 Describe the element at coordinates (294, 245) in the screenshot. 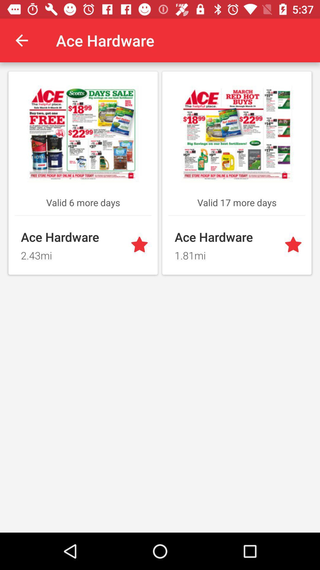

I see `favourite option` at that location.